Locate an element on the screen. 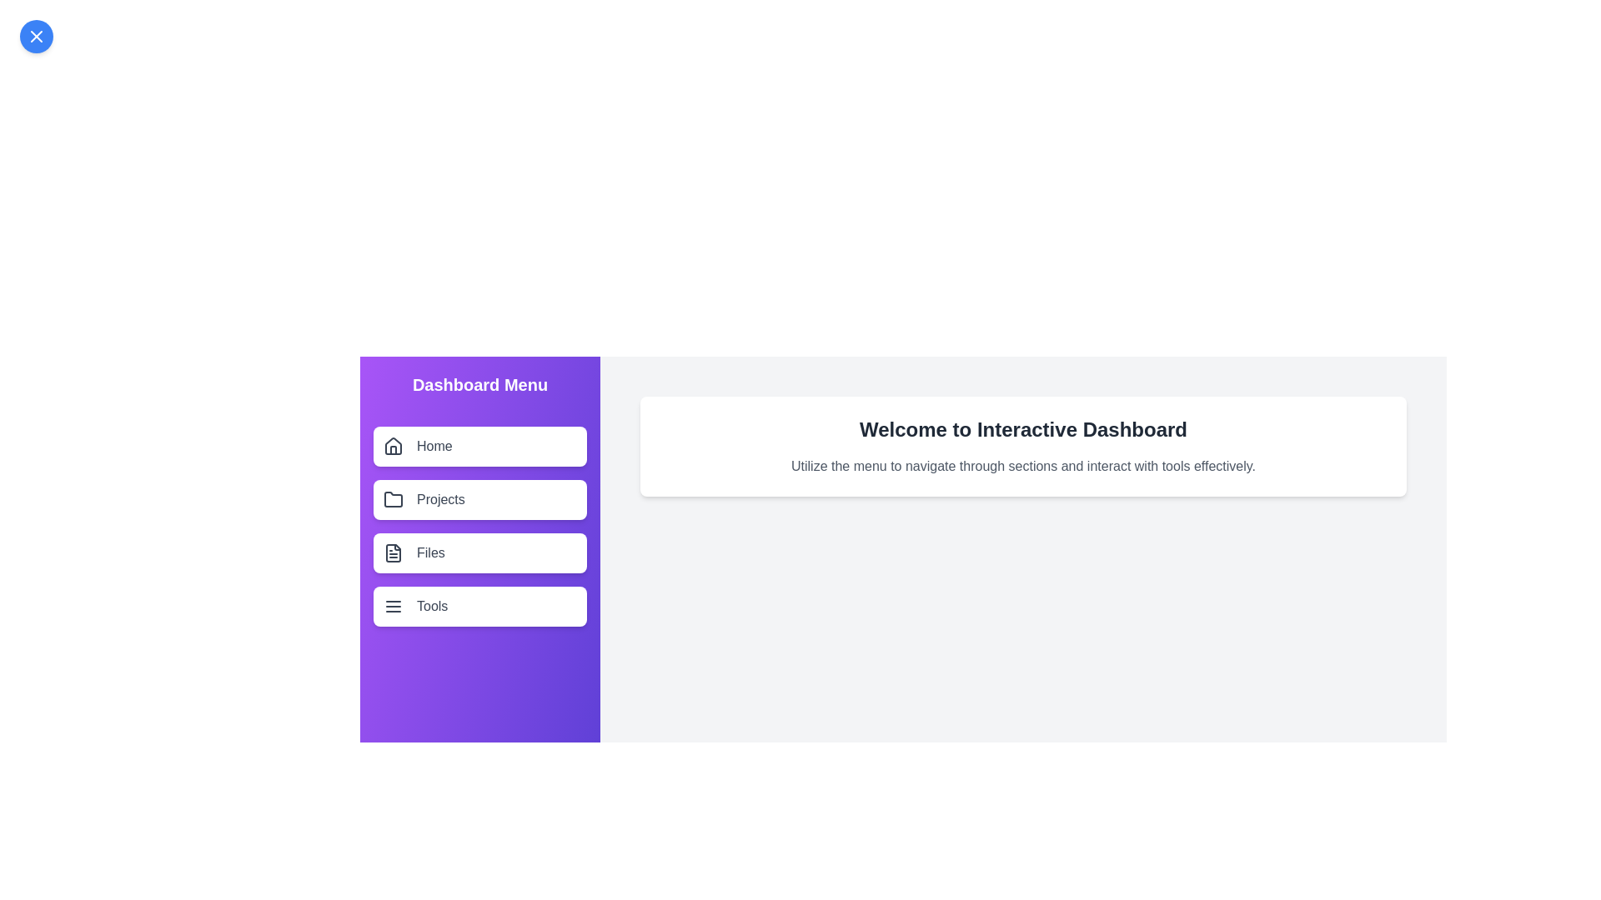  the menu item labeled Tools to navigate to its corresponding section is located at coordinates (479, 607).